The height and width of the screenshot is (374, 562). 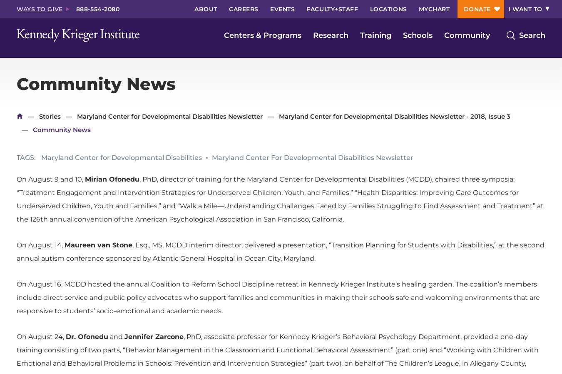 I want to click on 'On August 9 and 10,', so click(x=51, y=179).